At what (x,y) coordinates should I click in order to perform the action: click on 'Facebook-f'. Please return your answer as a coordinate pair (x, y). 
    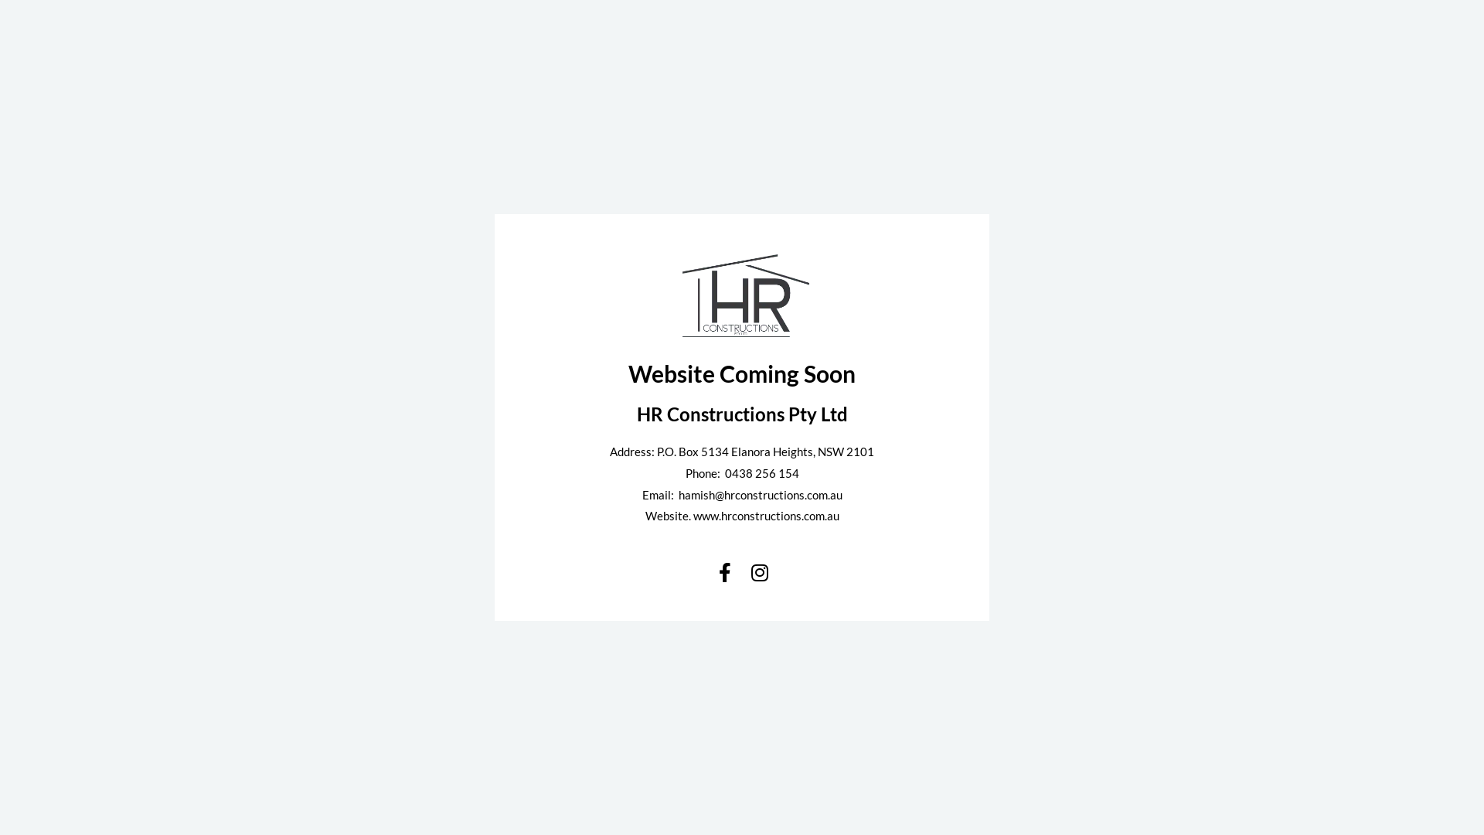
    Looking at the image, I should click on (723, 572).